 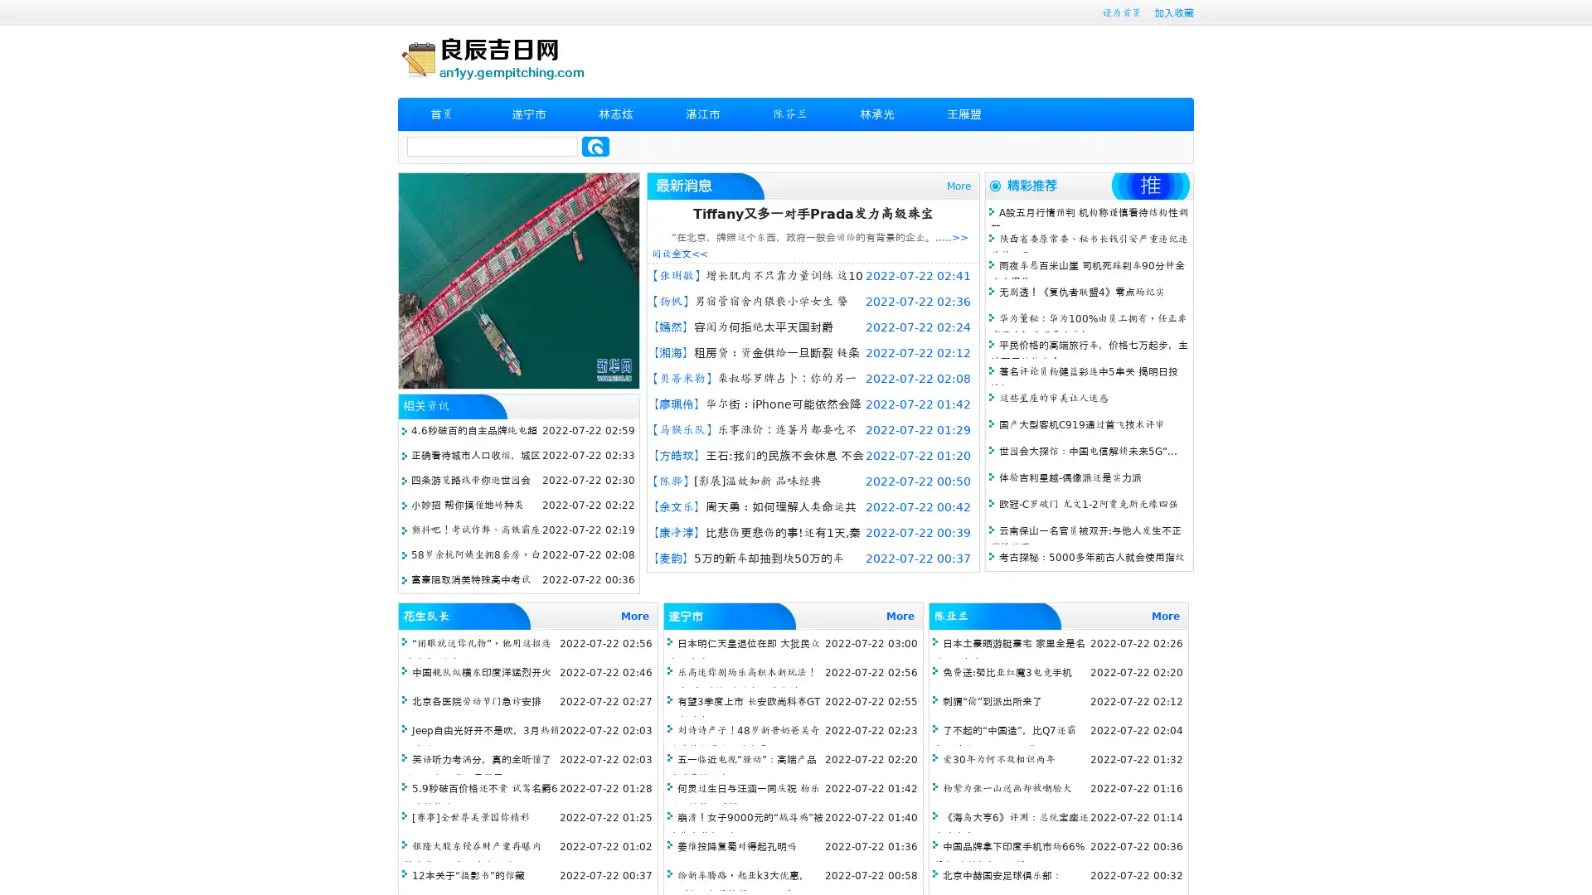 I want to click on Search, so click(x=595, y=146).